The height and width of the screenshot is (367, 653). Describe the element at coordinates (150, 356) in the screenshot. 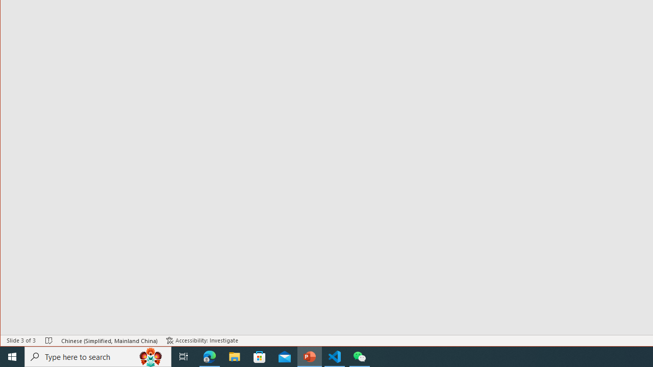

I see `'Search highlights icon opens search home window'` at that location.